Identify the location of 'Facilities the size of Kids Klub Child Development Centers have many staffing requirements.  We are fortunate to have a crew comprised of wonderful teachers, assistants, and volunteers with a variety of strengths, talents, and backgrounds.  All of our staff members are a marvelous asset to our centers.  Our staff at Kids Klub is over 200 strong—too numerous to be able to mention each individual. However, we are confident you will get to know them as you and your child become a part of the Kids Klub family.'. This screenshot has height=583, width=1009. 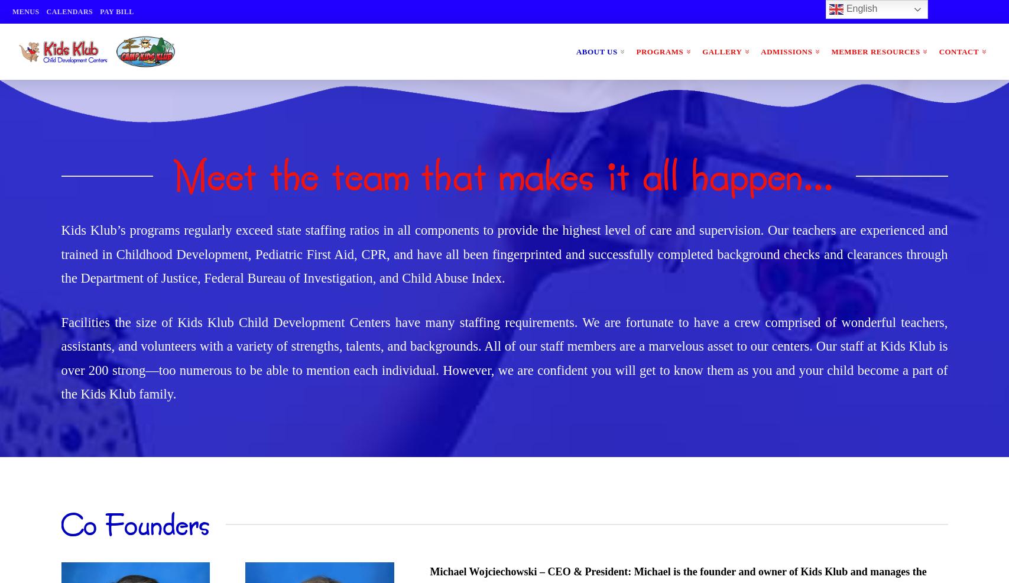
(504, 358).